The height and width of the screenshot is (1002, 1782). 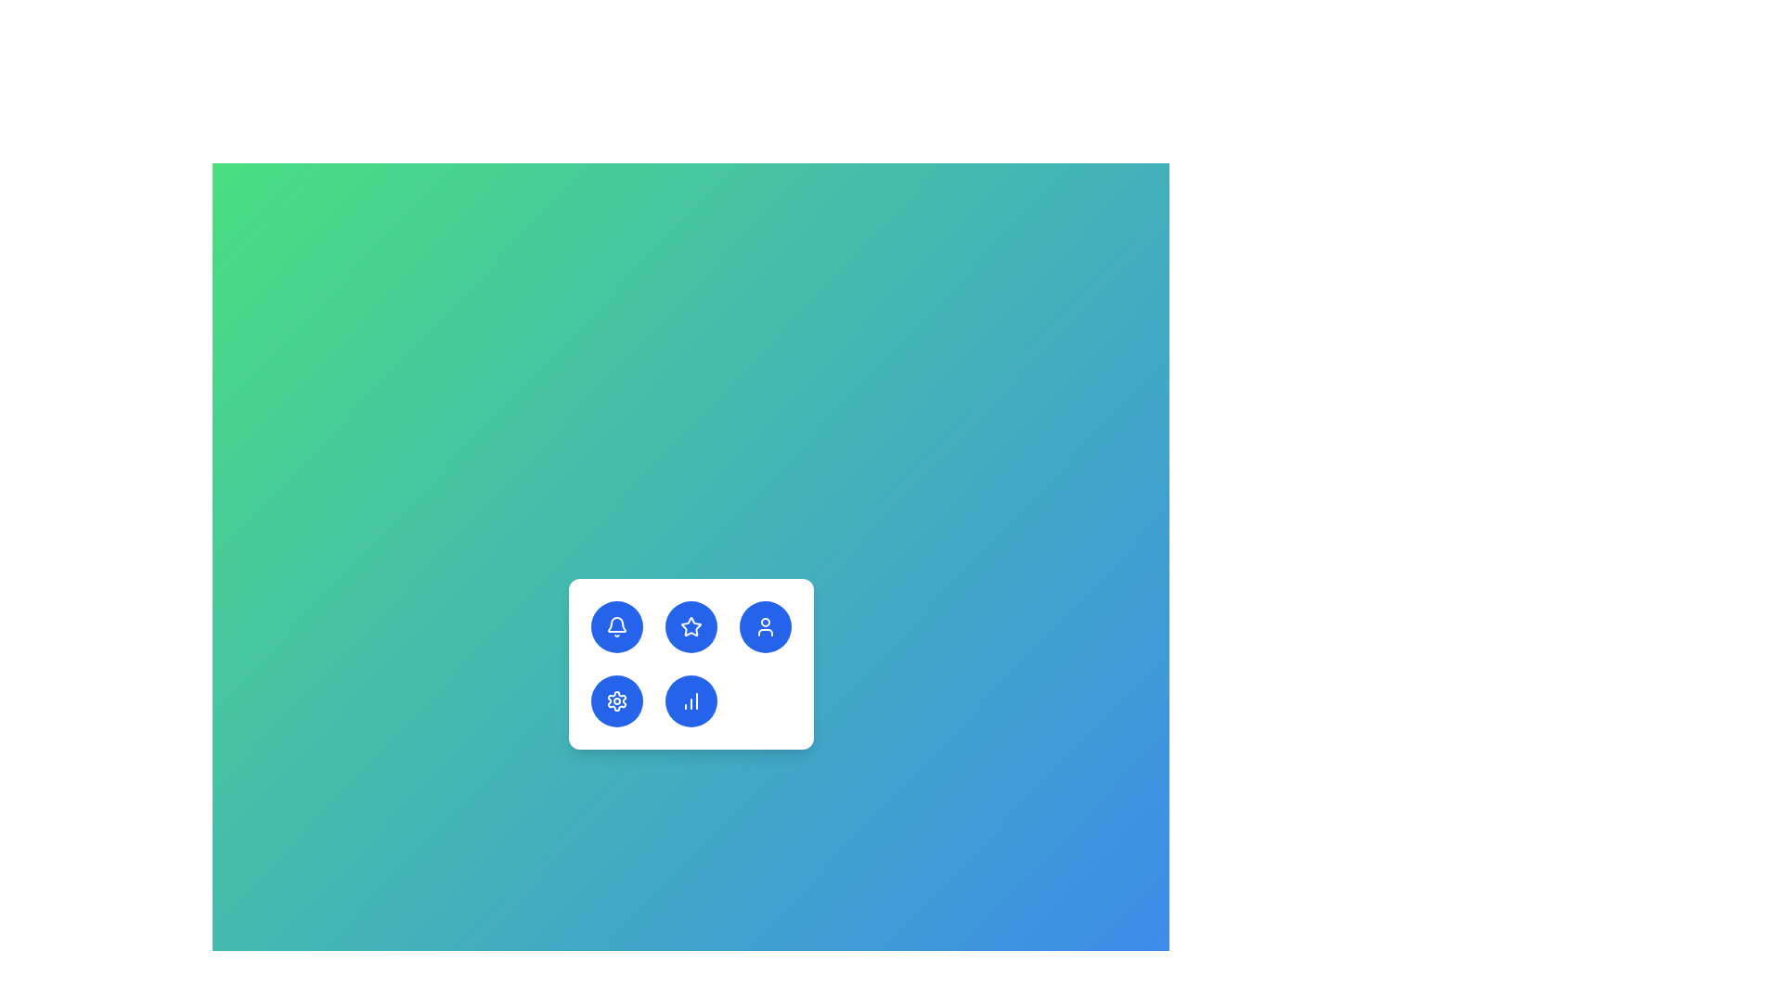 What do you see at coordinates (690, 701) in the screenshot?
I see `the blue circular button with a bar chart icon located in the bottom row, middle column of the 3x3 grid` at bounding box center [690, 701].